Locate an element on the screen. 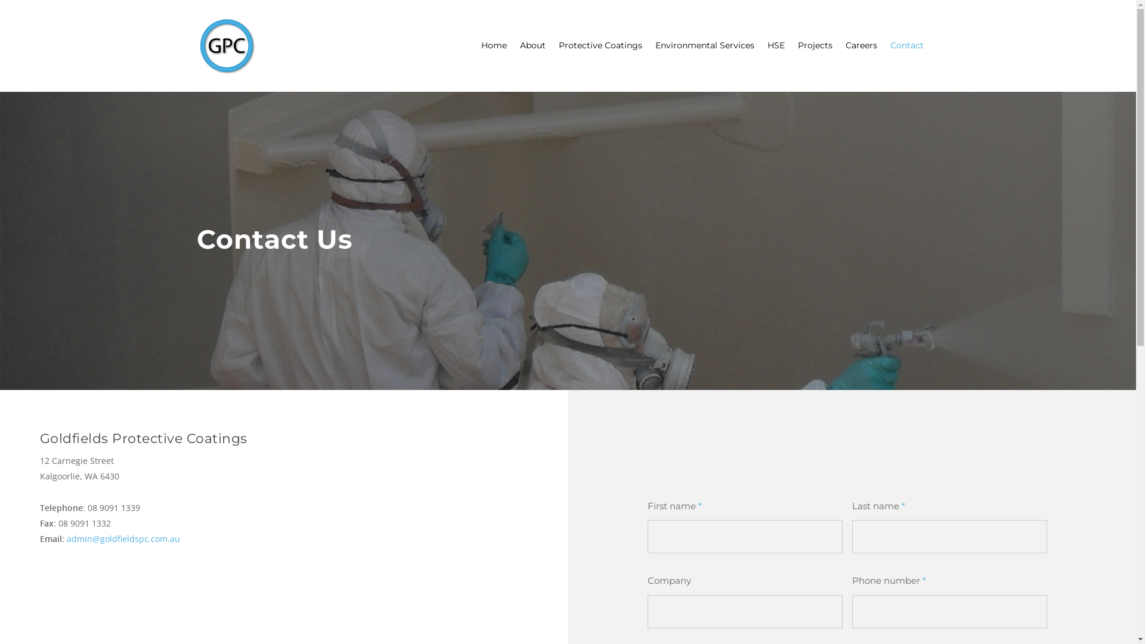  'Contact' is located at coordinates (906, 54).